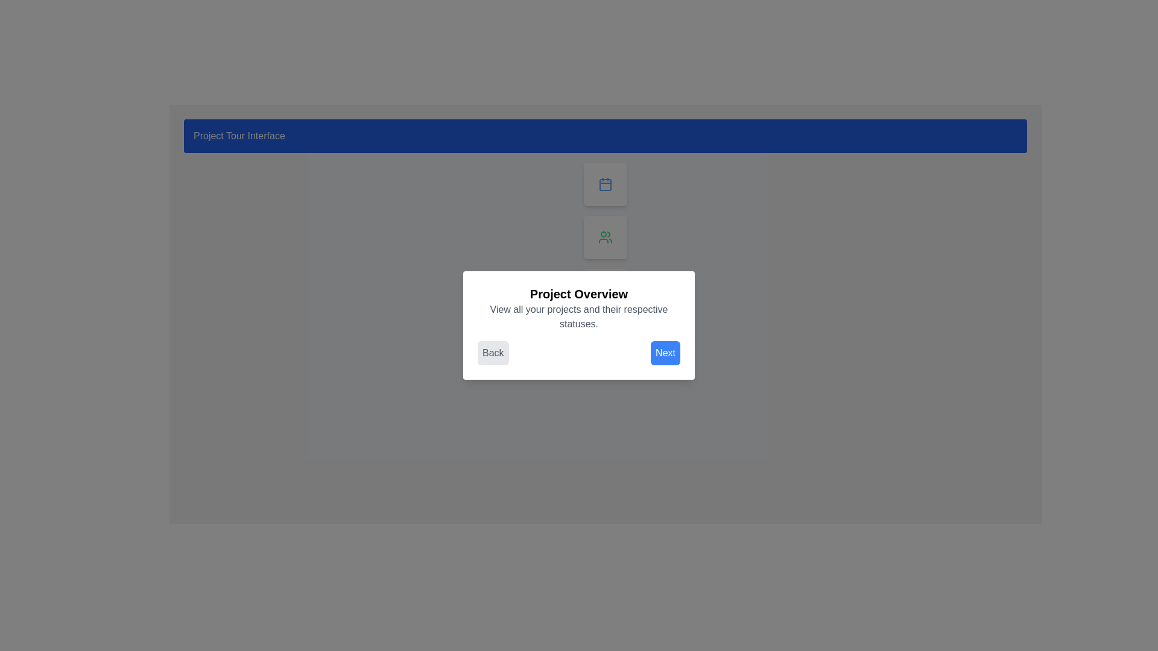 Image resolution: width=1158 pixels, height=651 pixels. Describe the element at coordinates (605, 237) in the screenshot. I see `the user icon in the dialog box` at that location.